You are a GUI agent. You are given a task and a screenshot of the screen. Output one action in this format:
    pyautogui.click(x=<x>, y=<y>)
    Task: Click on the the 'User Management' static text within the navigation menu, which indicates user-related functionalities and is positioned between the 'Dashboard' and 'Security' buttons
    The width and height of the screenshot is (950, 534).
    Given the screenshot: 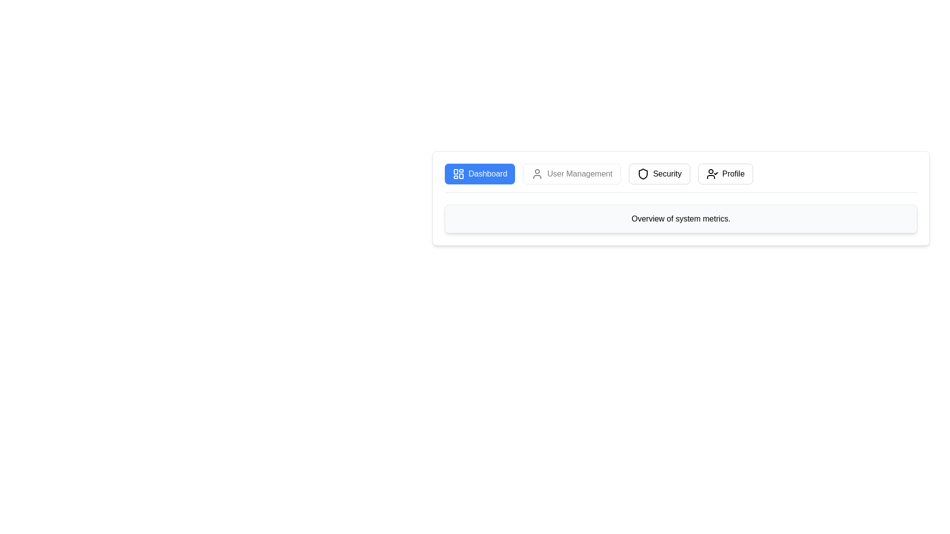 What is the action you would take?
    pyautogui.click(x=580, y=173)
    